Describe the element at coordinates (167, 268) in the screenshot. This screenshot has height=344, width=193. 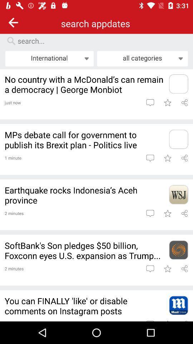
I see `to favourite option` at that location.